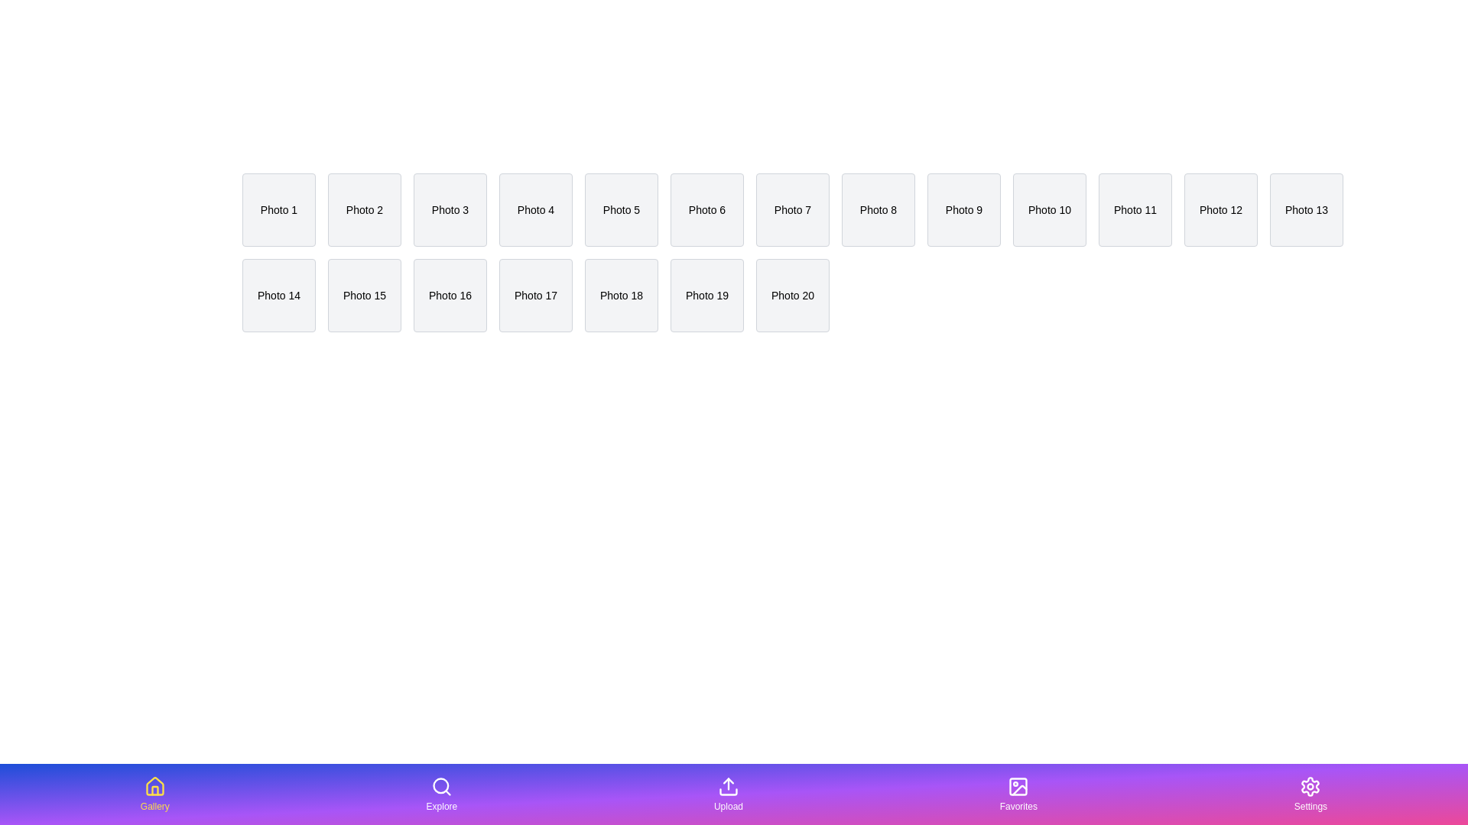 This screenshot has width=1468, height=825. What do you see at coordinates (1309, 794) in the screenshot?
I see `the tab labeled Settings in the bottom navigation bar` at bounding box center [1309, 794].